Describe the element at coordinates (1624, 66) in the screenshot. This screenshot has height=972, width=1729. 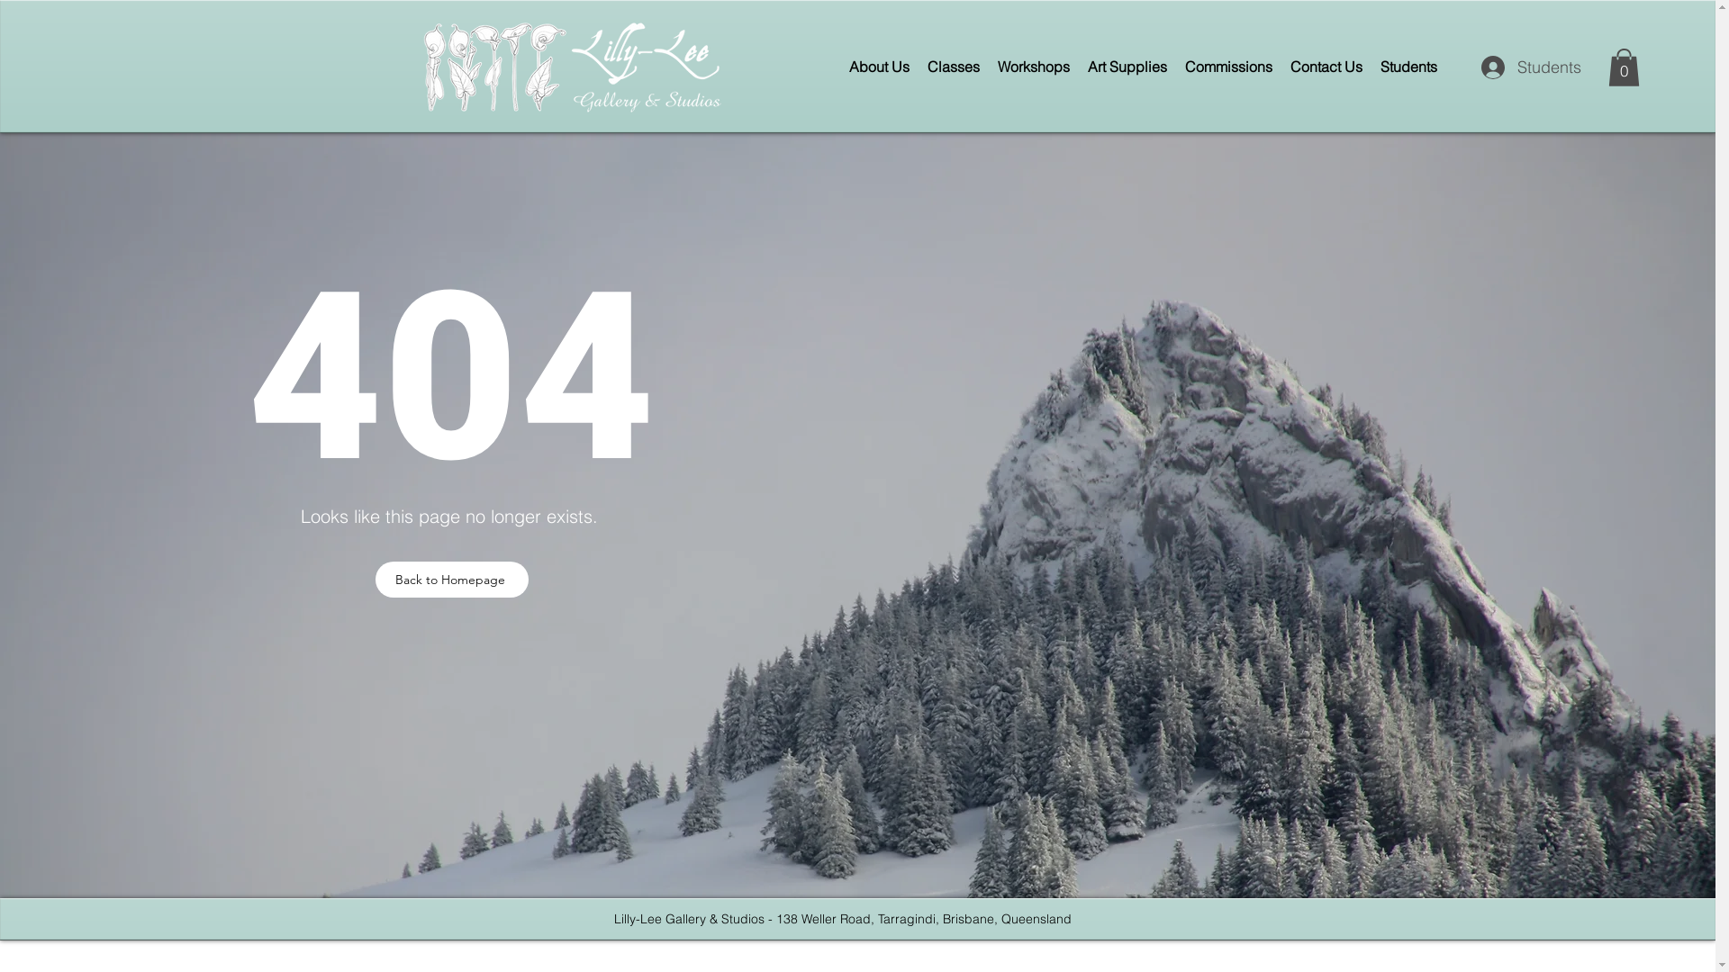
I see `'0'` at that location.